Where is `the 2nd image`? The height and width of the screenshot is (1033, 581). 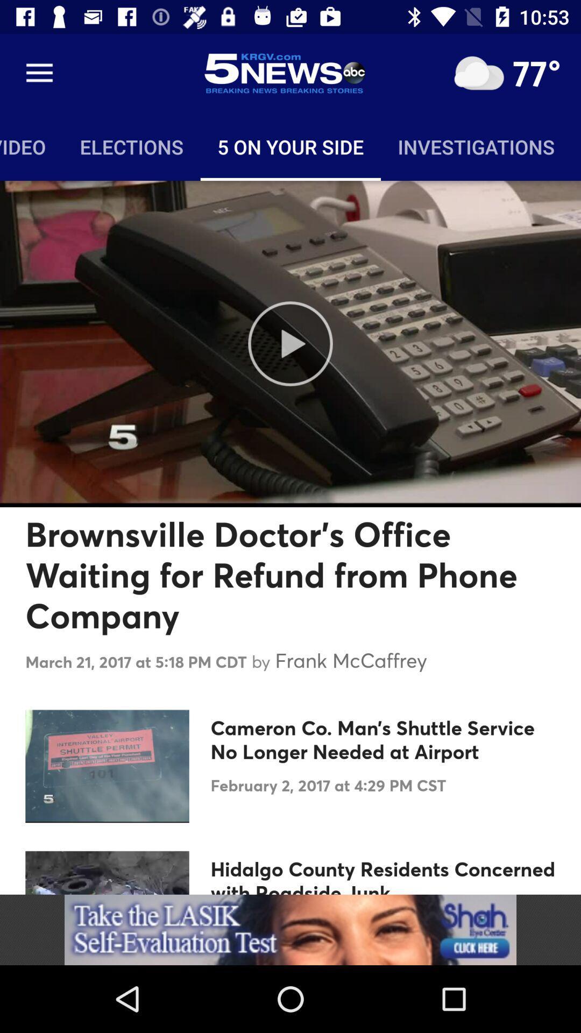
the 2nd image is located at coordinates (107, 766).